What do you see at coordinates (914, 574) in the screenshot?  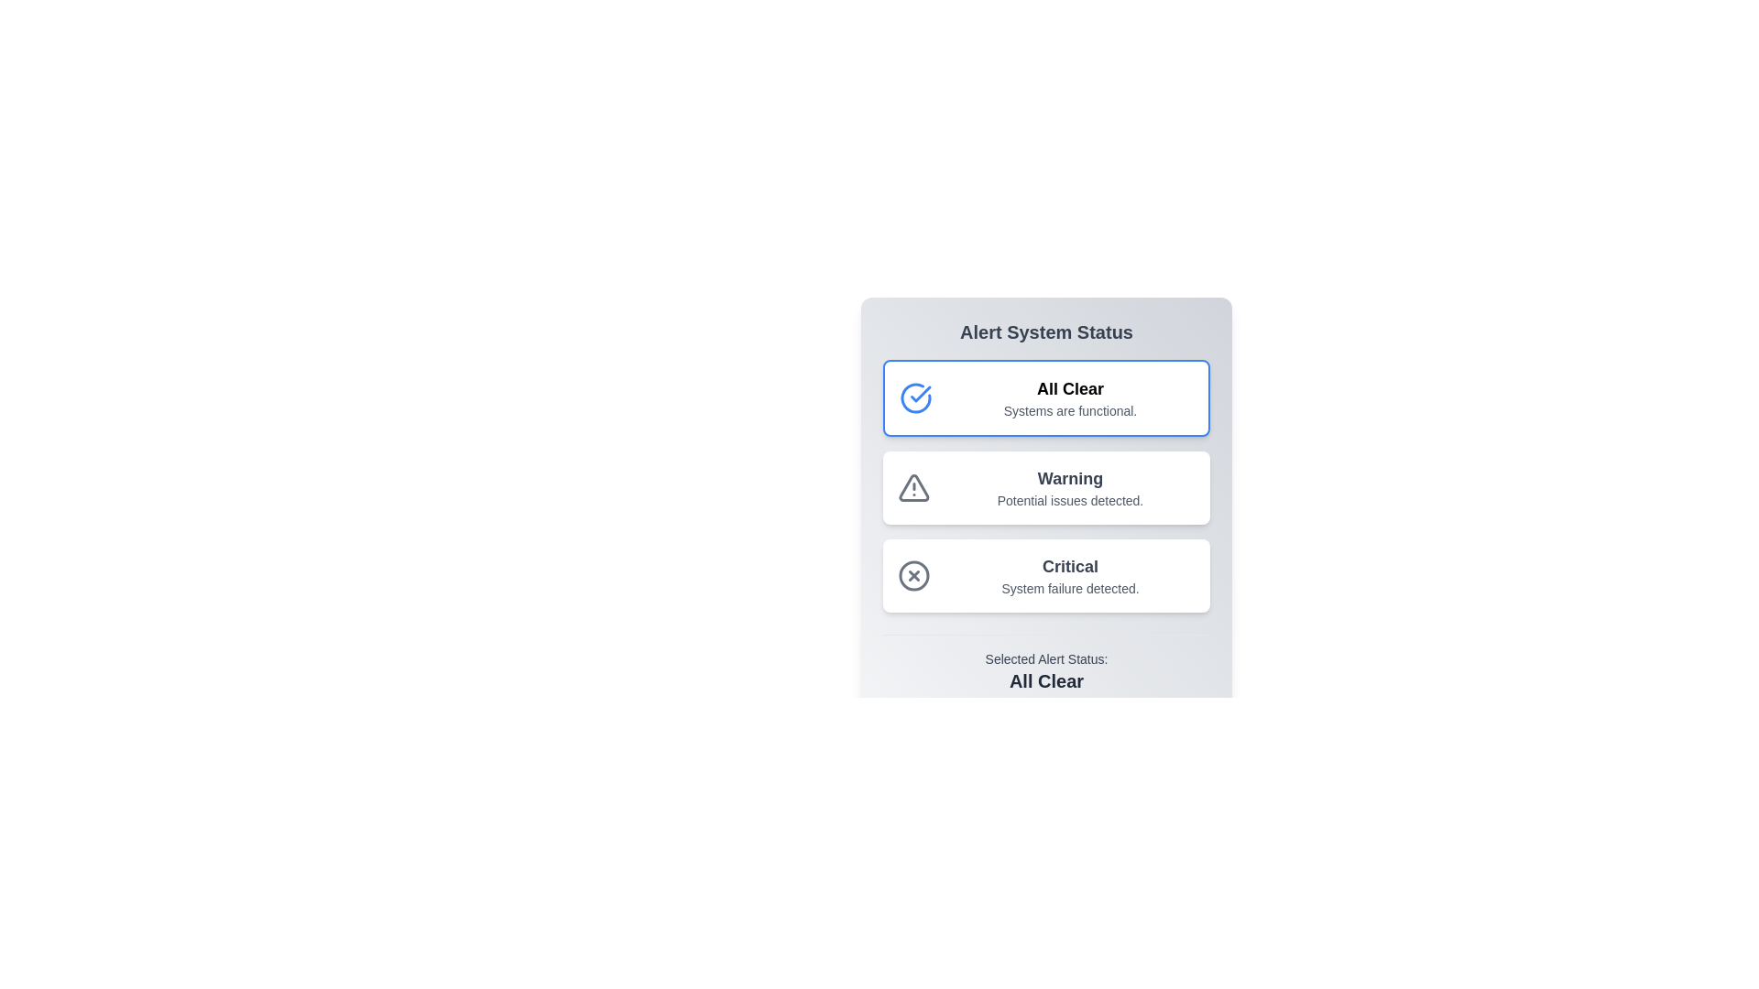 I see `the circular SVG icon with a bold, dark gray 'X' at its center, located to the left of the text 'Critical' in the third item of the vertical stack of alert statuses` at bounding box center [914, 574].